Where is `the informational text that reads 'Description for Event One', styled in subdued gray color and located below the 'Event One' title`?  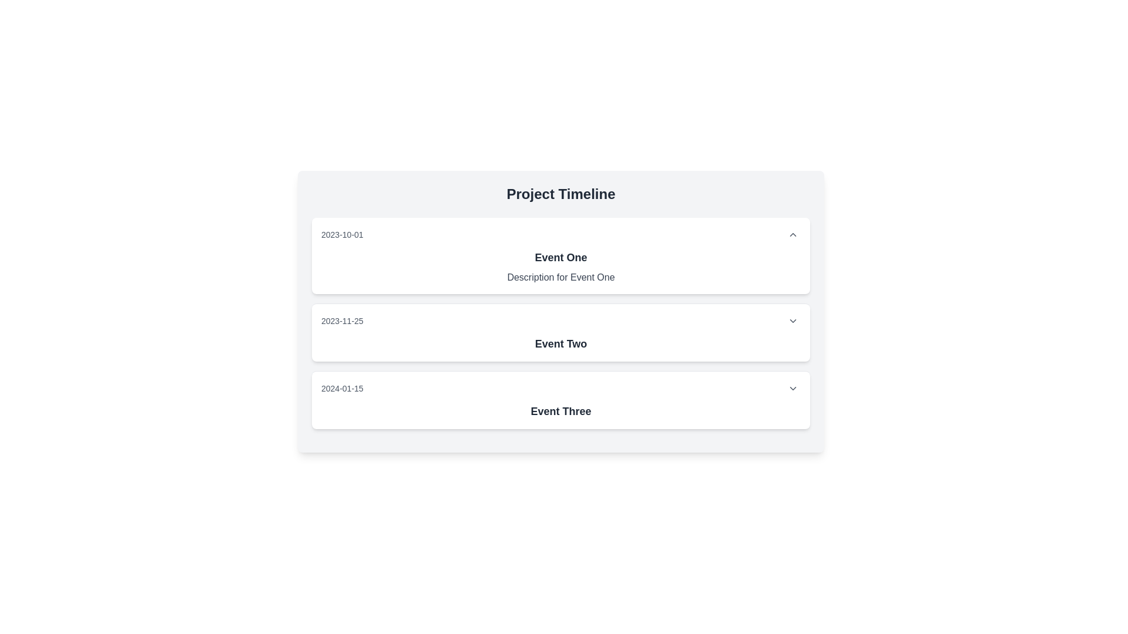 the informational text that reads 'Description for Event One', styled in subdued gray color and located below the 'Event One' title is located at coordinates (560, 278).